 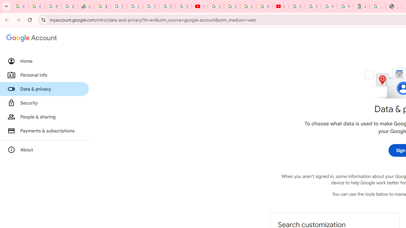 I want to click on 'More information about the Google Account', so click(x=44, y=150).